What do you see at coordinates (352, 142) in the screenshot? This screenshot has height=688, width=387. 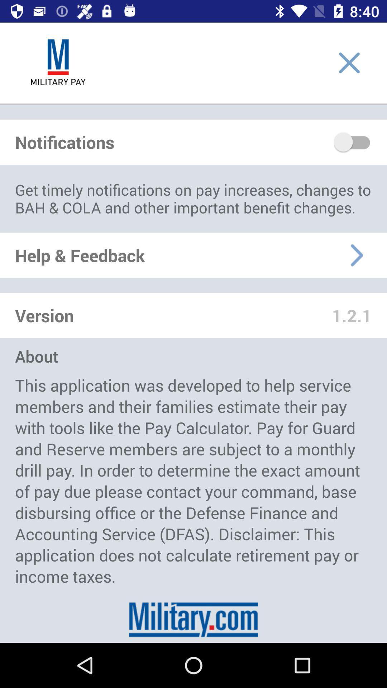 I see `notifications` at bounding box center [352, 142].